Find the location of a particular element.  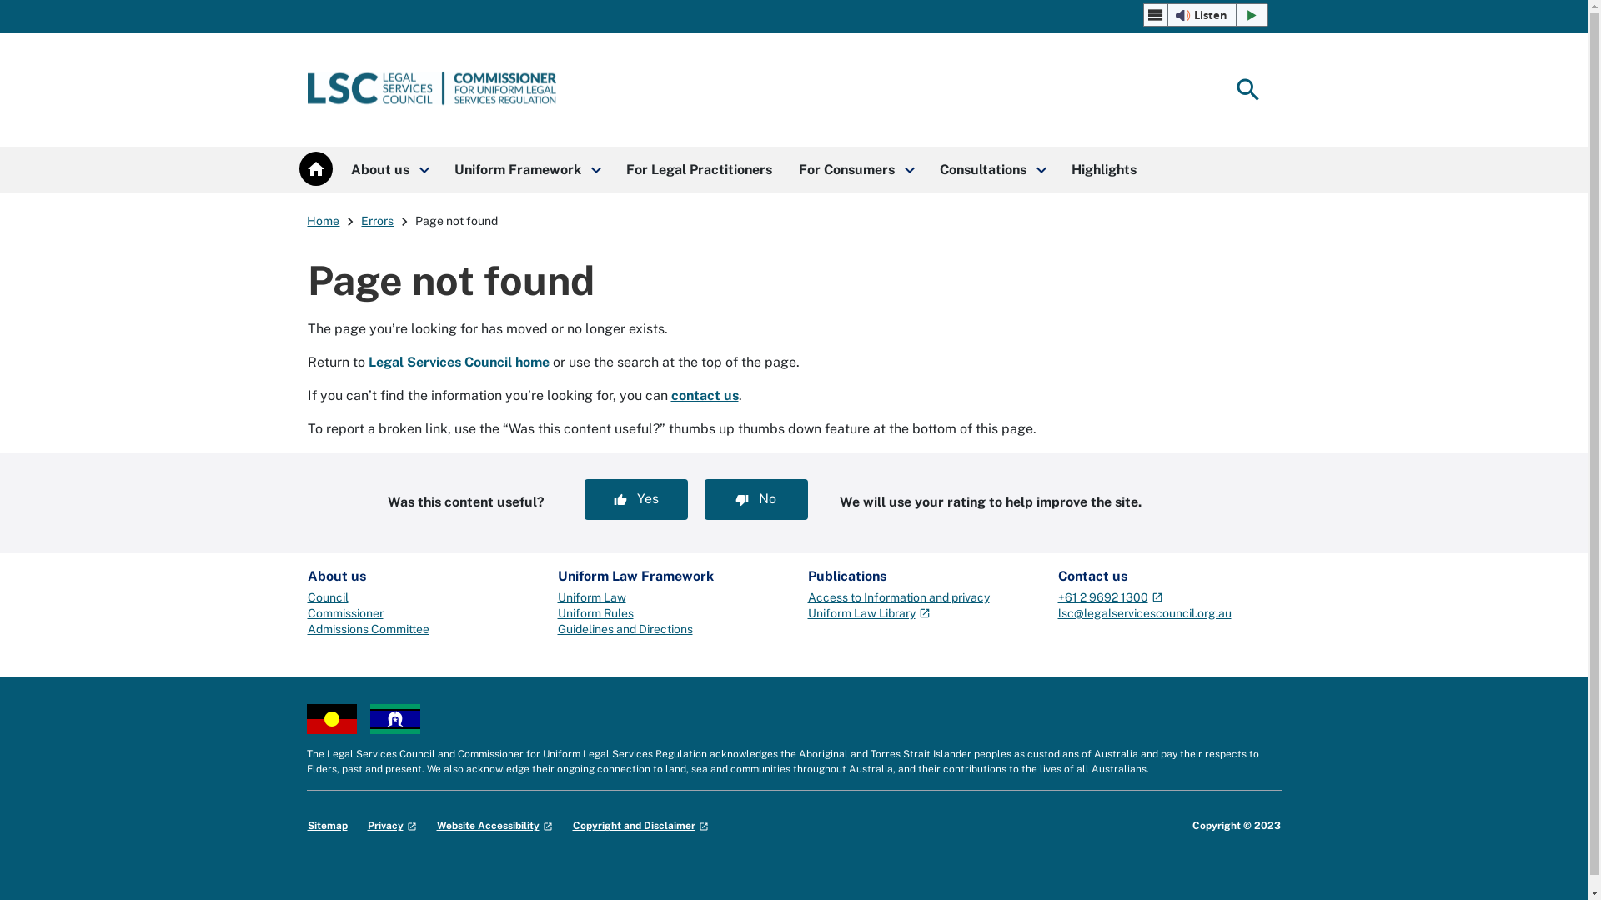

'Listen' is located at coordinates (1205, 15).